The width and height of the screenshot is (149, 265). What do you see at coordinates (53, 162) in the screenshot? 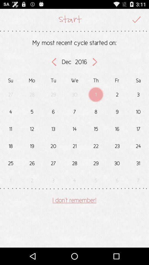
I see `the number 27` at bounding box center [53, 162].